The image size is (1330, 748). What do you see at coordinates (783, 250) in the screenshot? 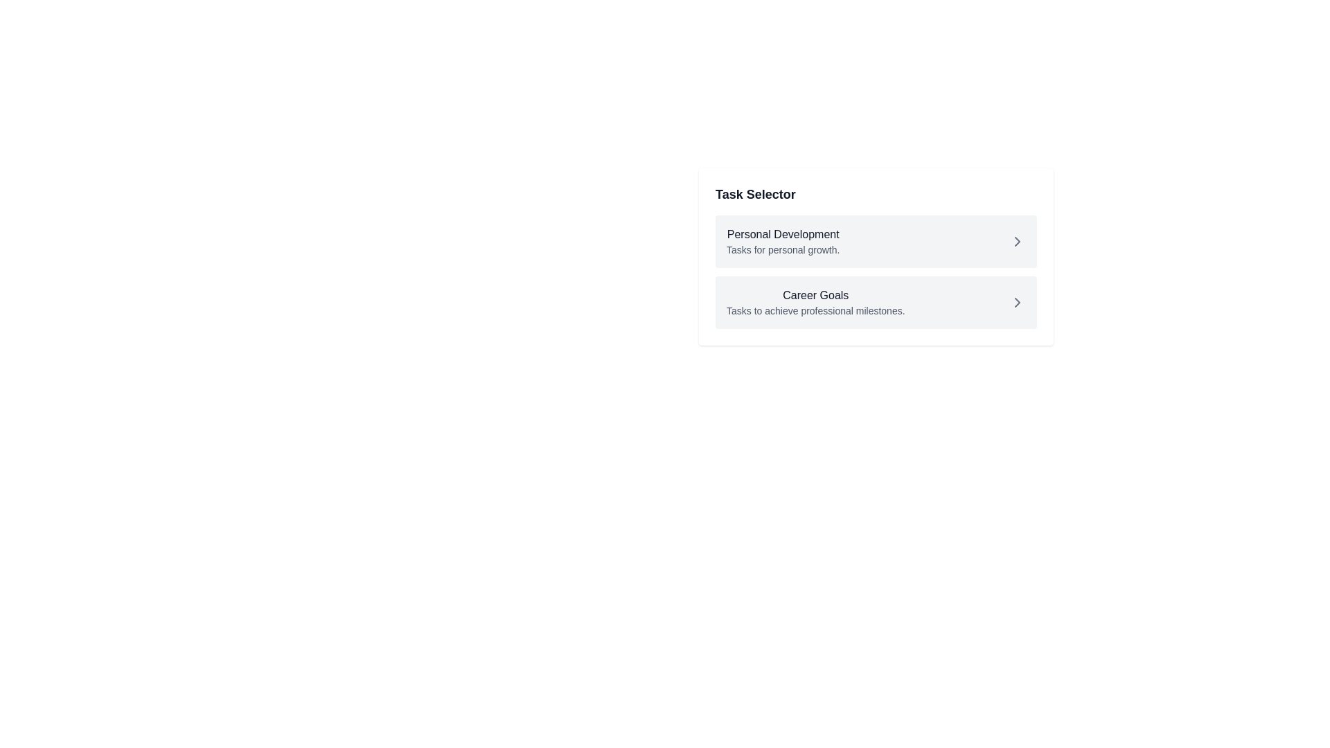
I see `the text label displaying 'Tasks for personal growth.' which is styled in a smaller gray font and located directly below 'Personal Development' within the 'Task Selector' section` at bounding box center [783, 250].